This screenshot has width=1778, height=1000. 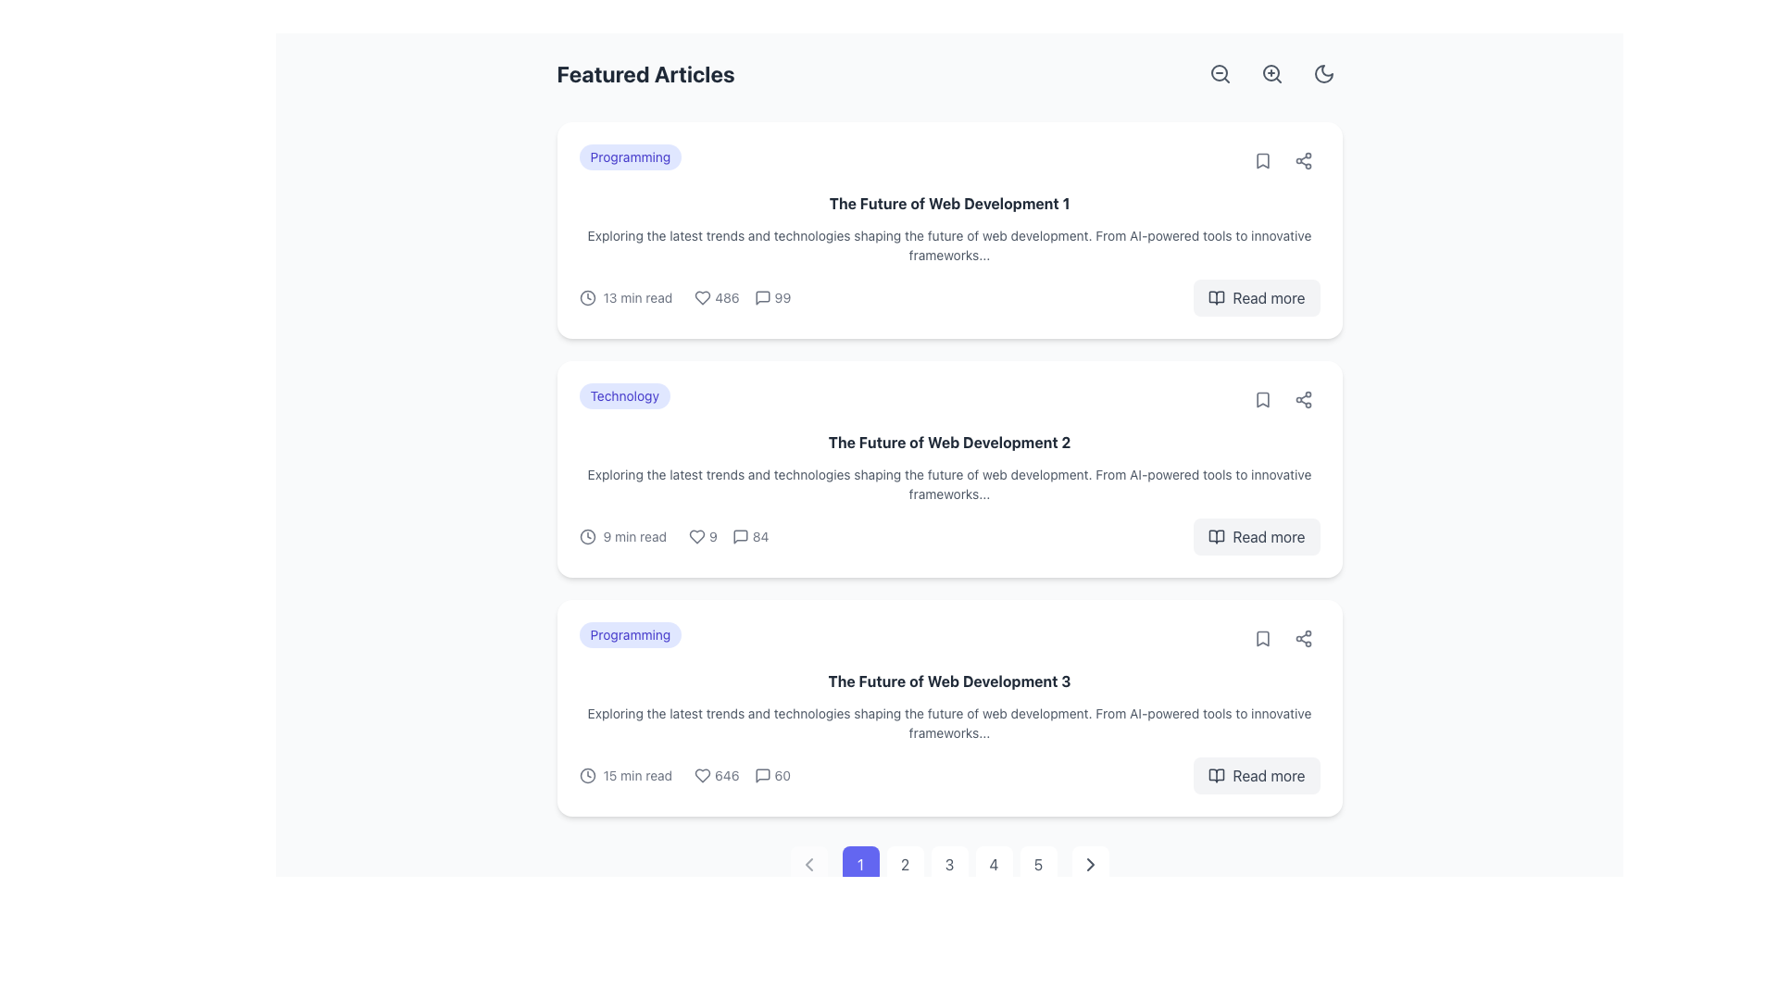 What do you see at coordinates (1268, 536) in the screenshot?
I see `the text button located at the bottom right of the second card in the vertical list of featured articles` at bounding box center [1268, 536].